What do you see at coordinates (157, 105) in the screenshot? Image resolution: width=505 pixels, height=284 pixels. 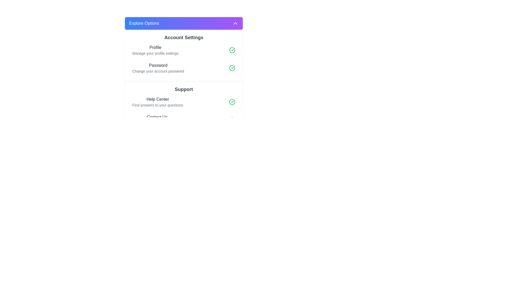 I see `the text block that says 'Find answers to your questions', located beneath the 'Help Center' heading in the 'Support' section` at bounding box center [157, 105].